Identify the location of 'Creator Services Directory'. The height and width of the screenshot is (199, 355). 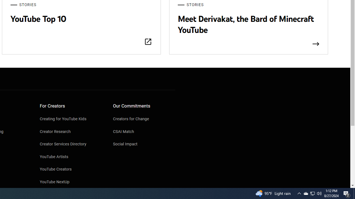
(71, 144).